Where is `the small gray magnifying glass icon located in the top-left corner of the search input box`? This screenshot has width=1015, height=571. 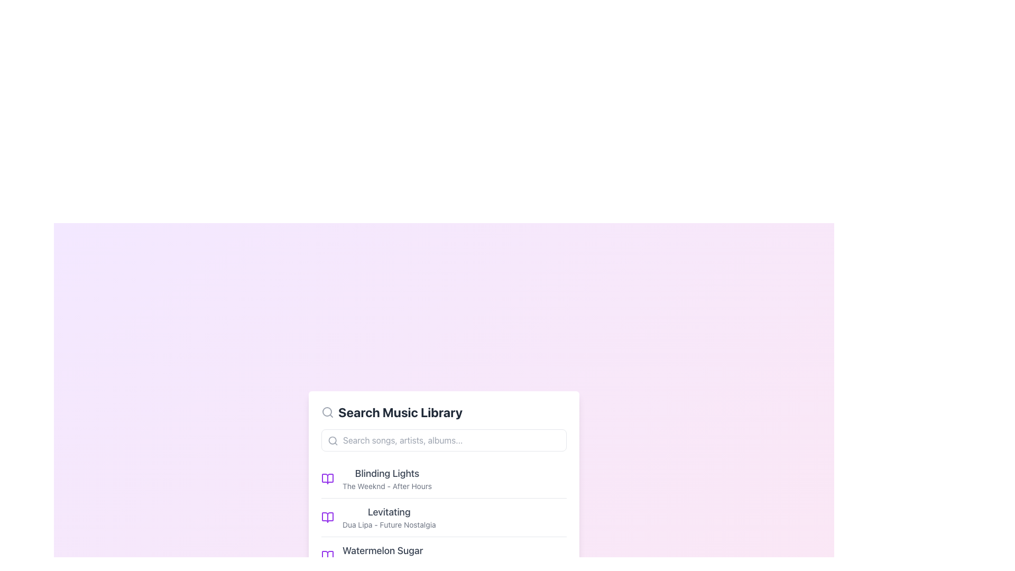
the small gray magnifying glass icon located in the top-left corner of the search input box is located at coordinates (332, 440).